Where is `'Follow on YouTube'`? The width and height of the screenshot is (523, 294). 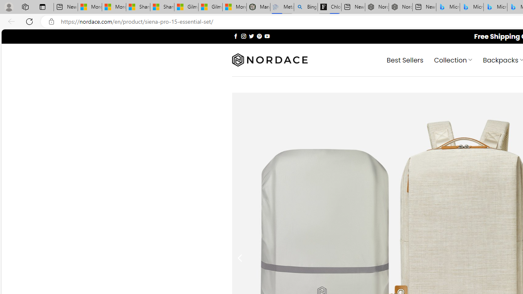
'Follow on YouTube' is located at coordinates (267, 36).